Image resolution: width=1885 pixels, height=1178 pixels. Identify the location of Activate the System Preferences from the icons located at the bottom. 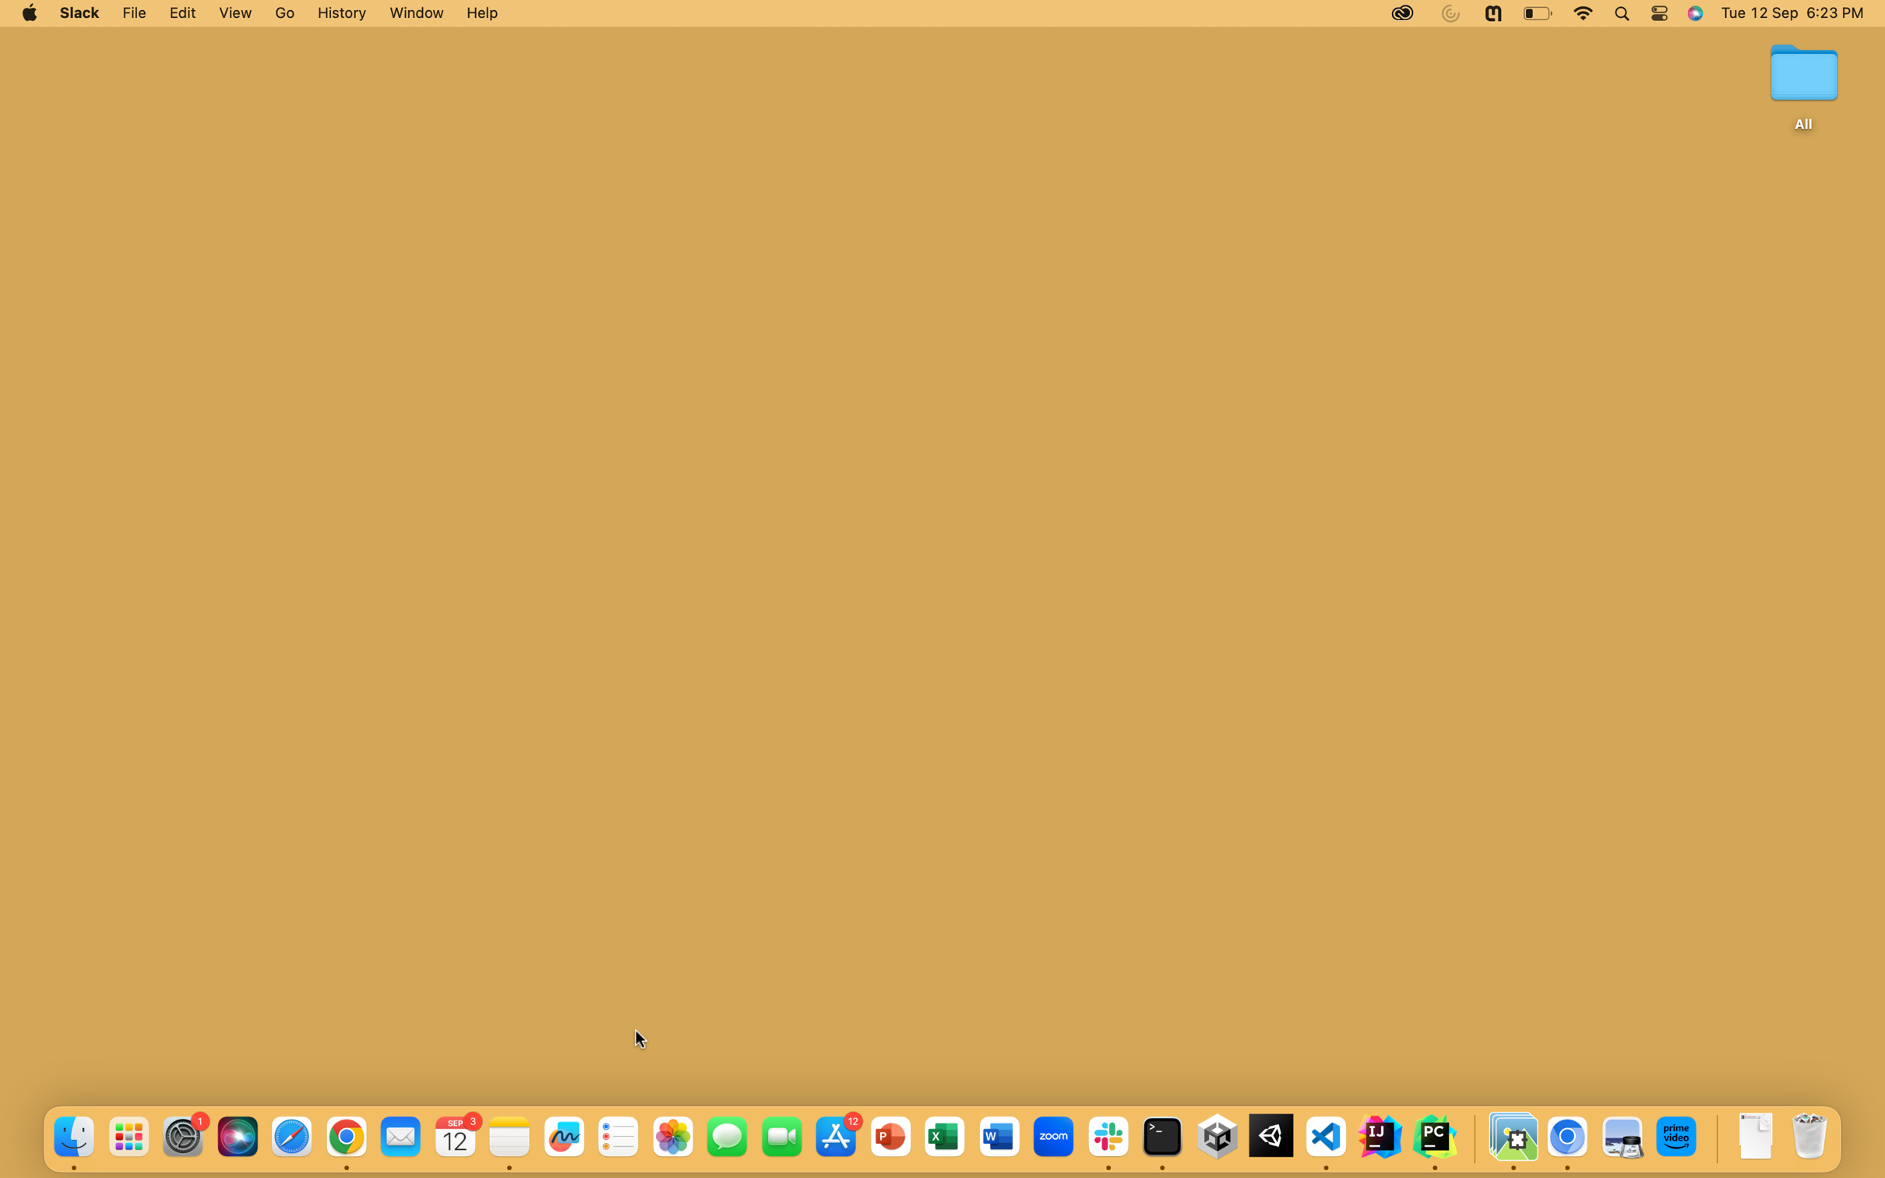
(182, 1137).